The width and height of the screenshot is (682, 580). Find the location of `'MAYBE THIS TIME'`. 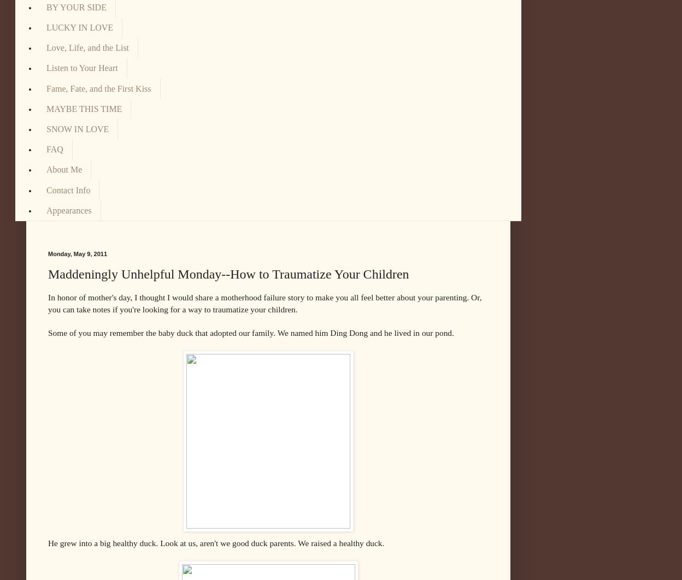

'MAYBE THIS TIME' is located at coordinates (84, 108).